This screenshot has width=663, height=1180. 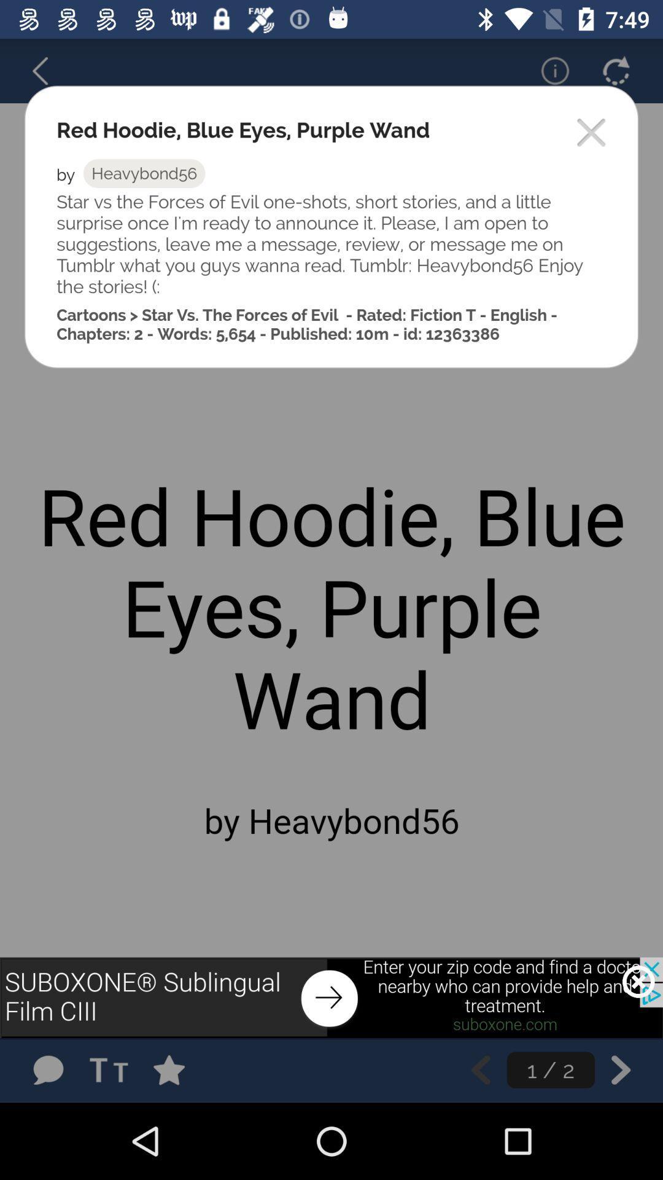 I want to click on information, so click(x=546, y=70).